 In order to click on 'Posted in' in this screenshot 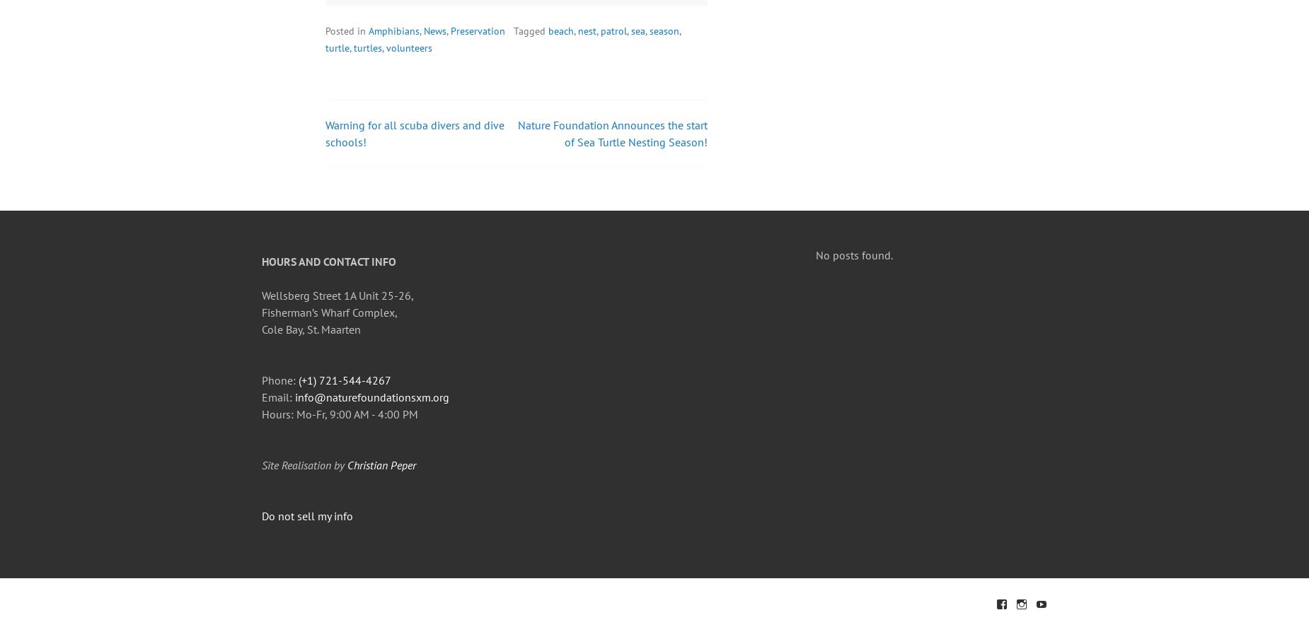, I will do `click(347, 30)`.